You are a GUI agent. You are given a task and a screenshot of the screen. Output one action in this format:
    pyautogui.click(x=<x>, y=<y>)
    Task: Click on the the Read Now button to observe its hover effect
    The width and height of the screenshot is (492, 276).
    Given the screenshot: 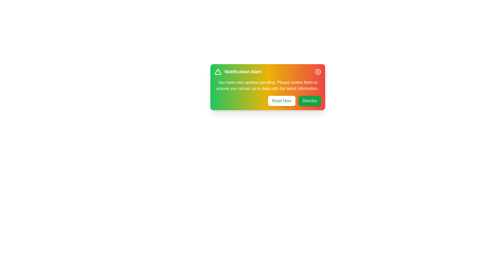 What is the action you would take?
    pyautogui.click(x=281, y=101)
    